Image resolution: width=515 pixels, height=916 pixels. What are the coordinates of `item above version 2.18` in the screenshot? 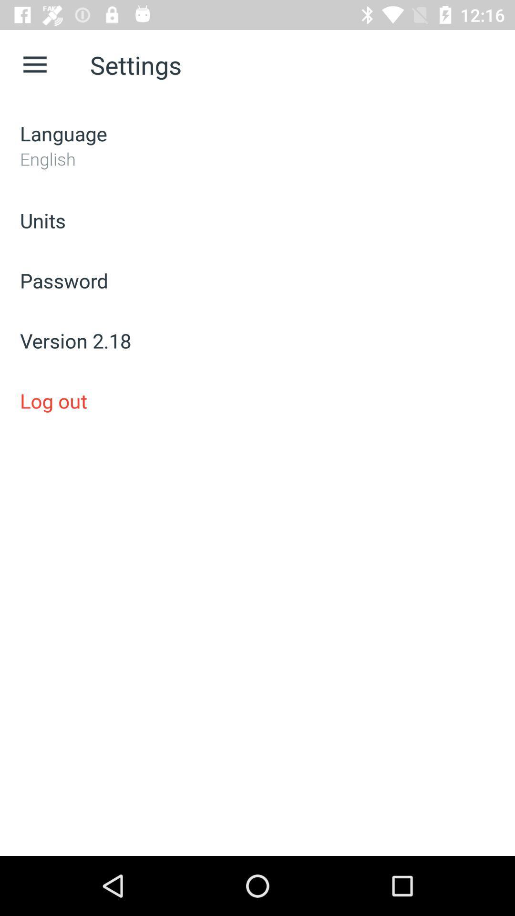 It's located at (257, 280).